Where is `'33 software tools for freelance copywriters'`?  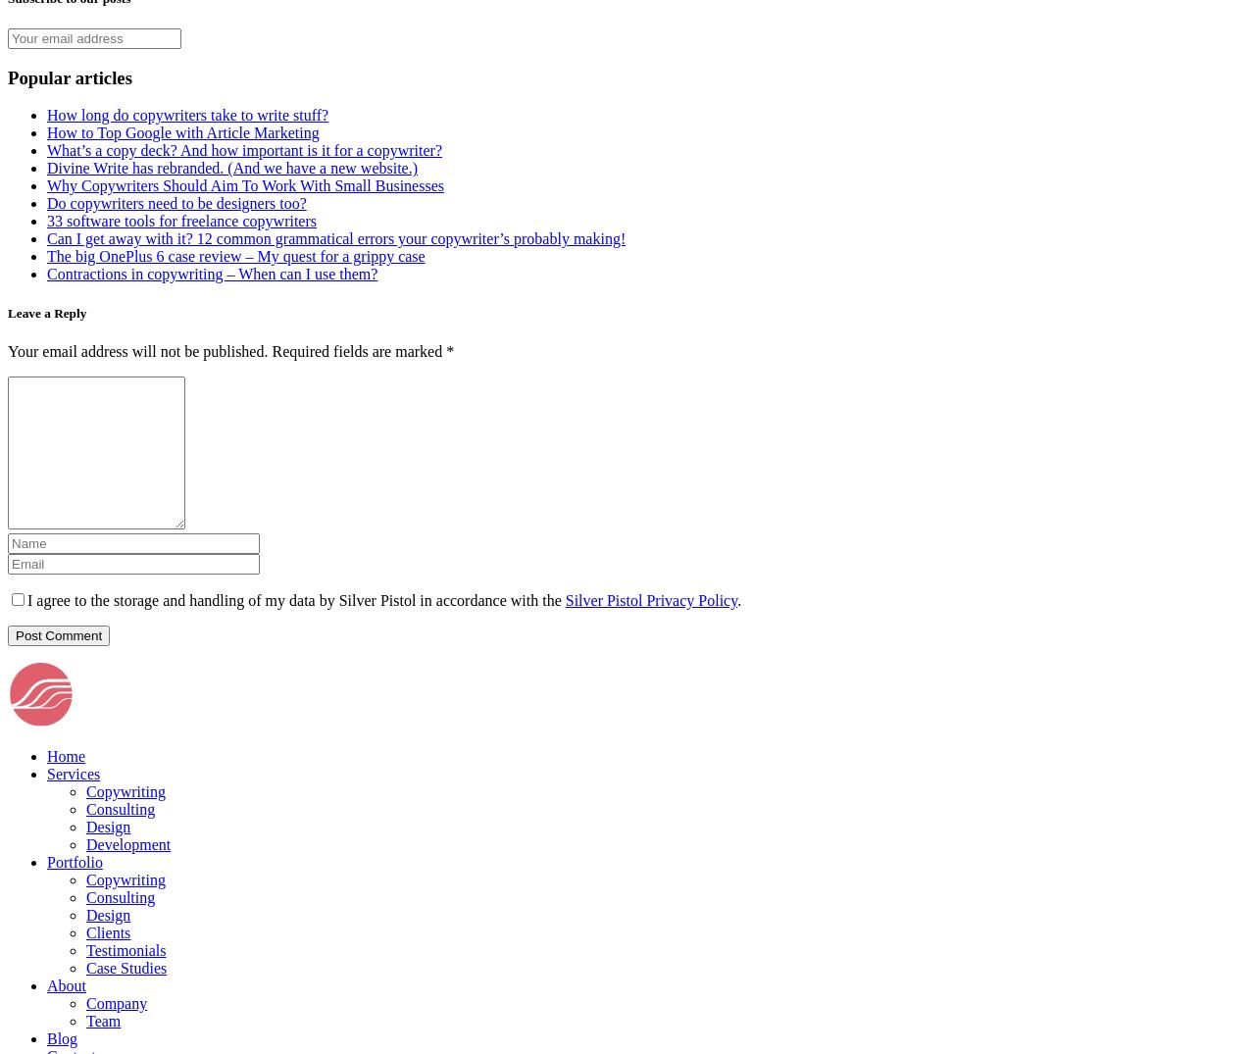
'33 software tools for freelance copywriters' is located at coordinates (181, 220).